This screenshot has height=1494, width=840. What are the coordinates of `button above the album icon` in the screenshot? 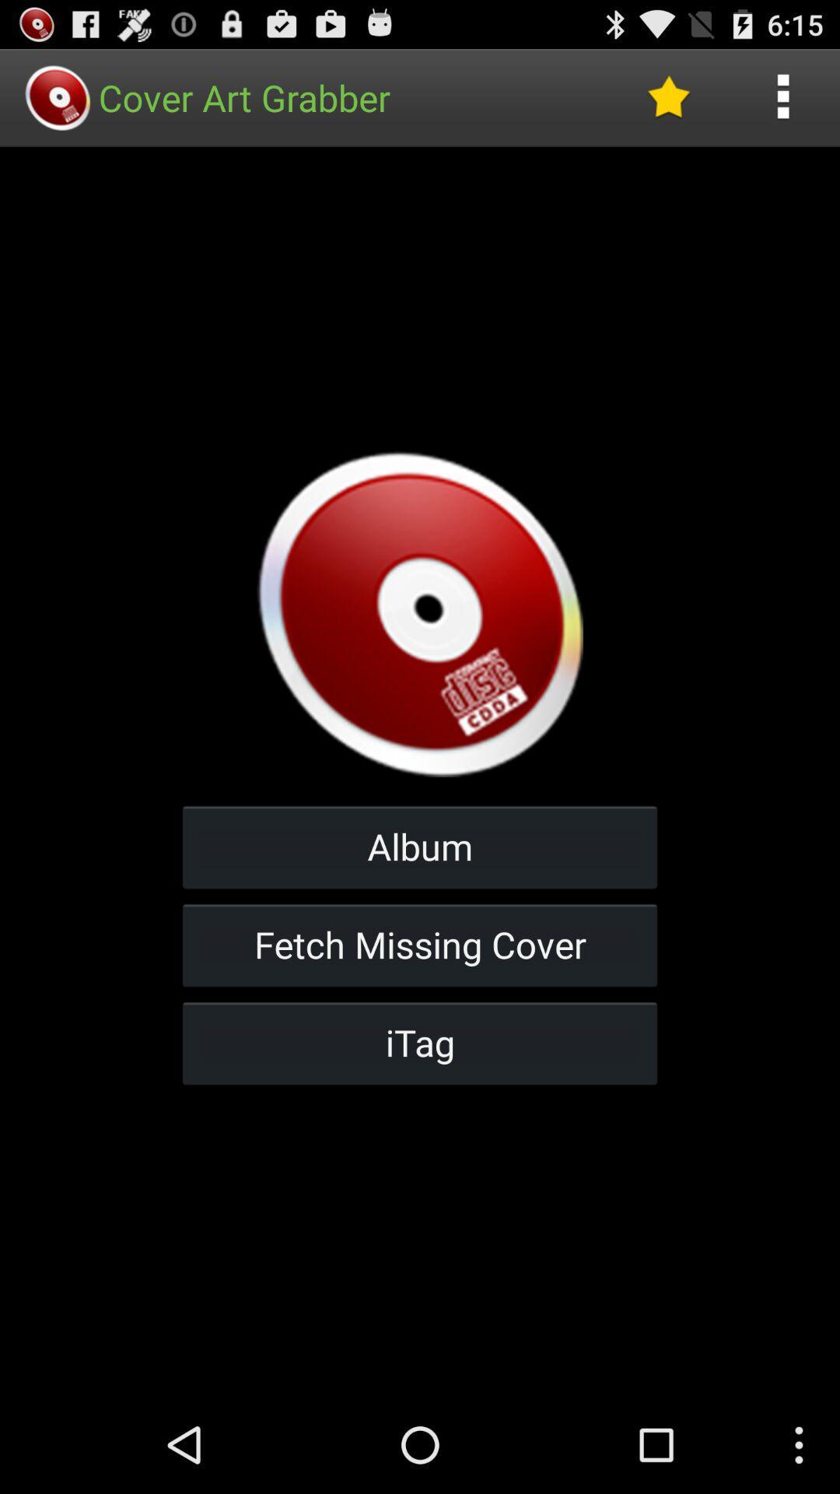 It's located at (667, 96).